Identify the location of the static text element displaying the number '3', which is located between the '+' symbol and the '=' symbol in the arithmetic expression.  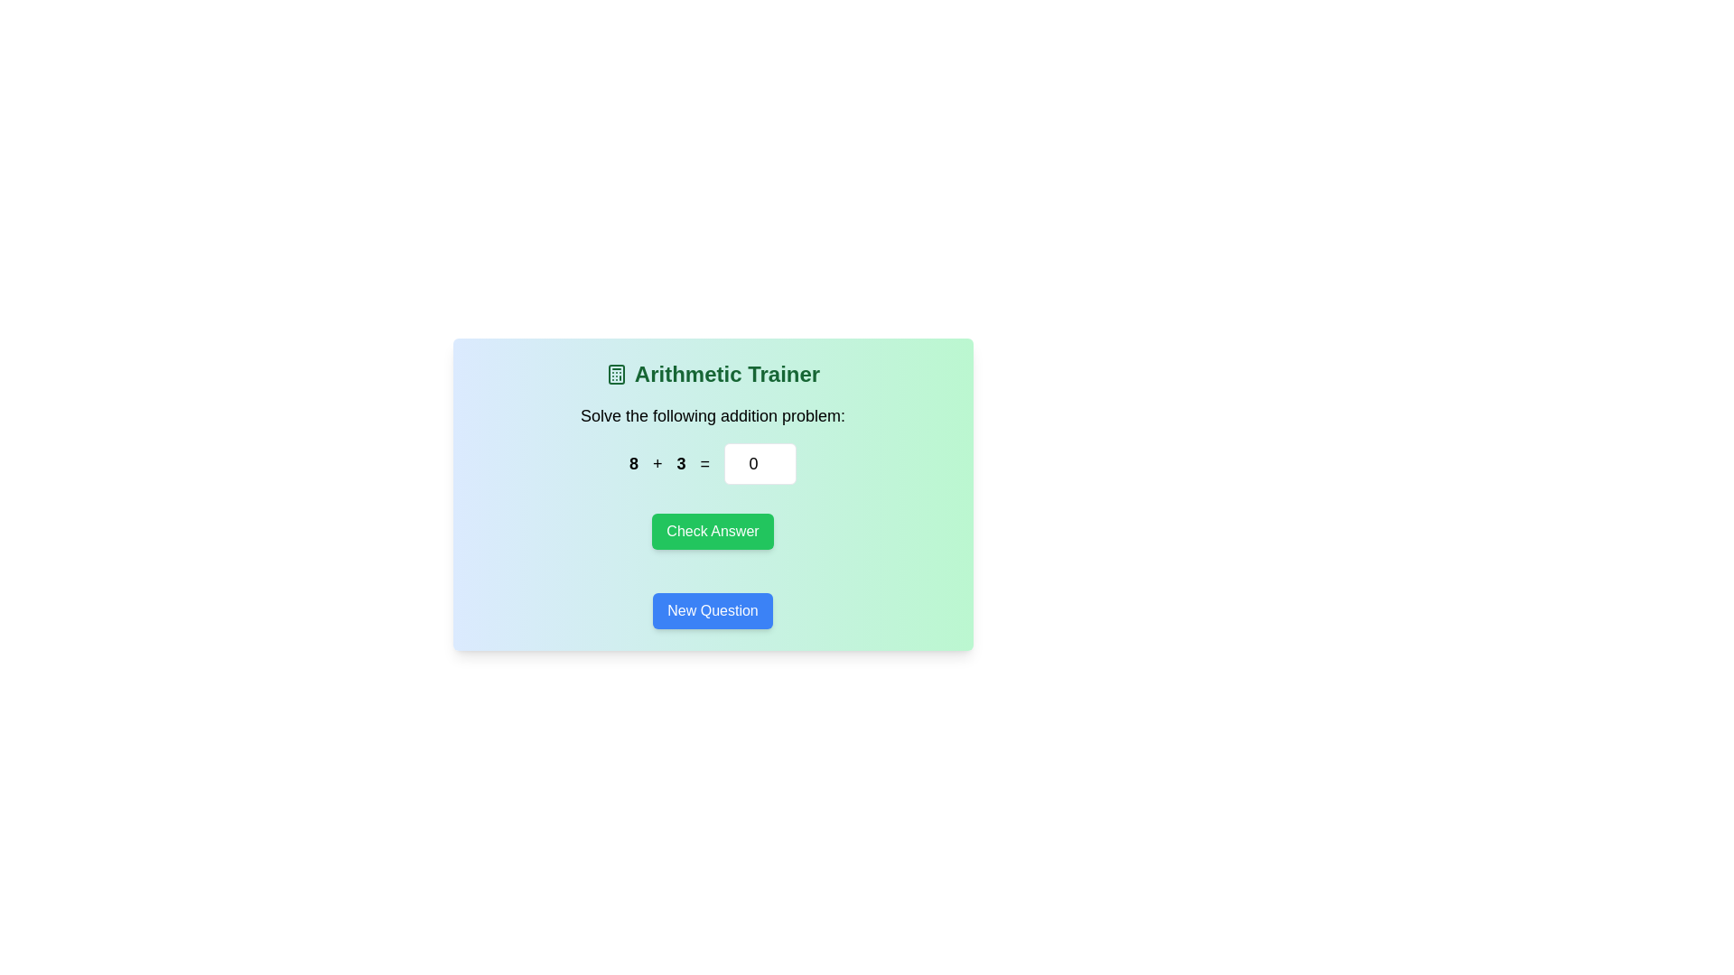
(680, 462).